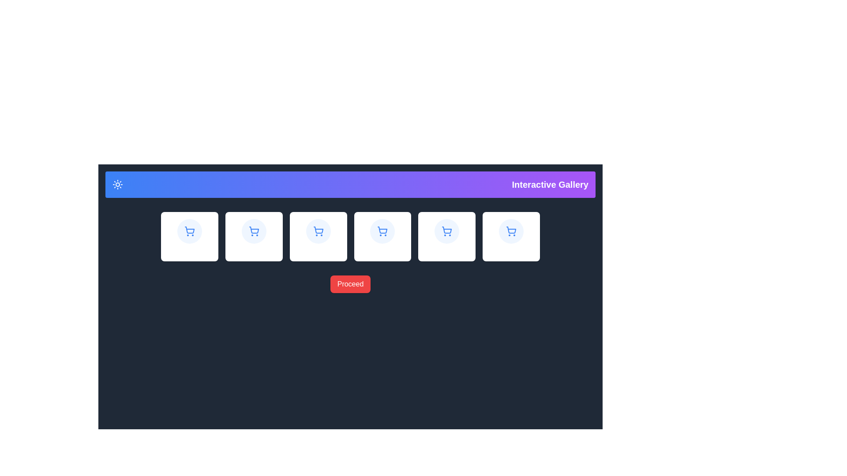 The image size is (847, 476). Describe the element at coordinates (511, 231) in the screenshot. I see `the shopping cart icon located within a blue-themed circular background in the fifth box of the horizontal grid` at that location.